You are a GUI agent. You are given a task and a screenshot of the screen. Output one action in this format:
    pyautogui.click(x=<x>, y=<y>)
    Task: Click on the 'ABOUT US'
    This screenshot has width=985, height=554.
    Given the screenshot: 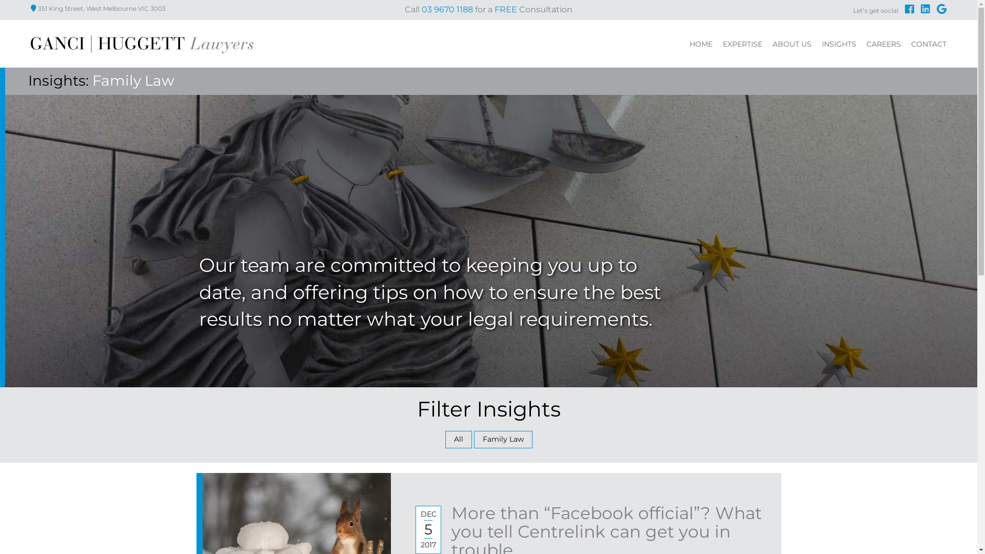 What is the action you would take?
    pyautogui.click(x=792, y=44)
    